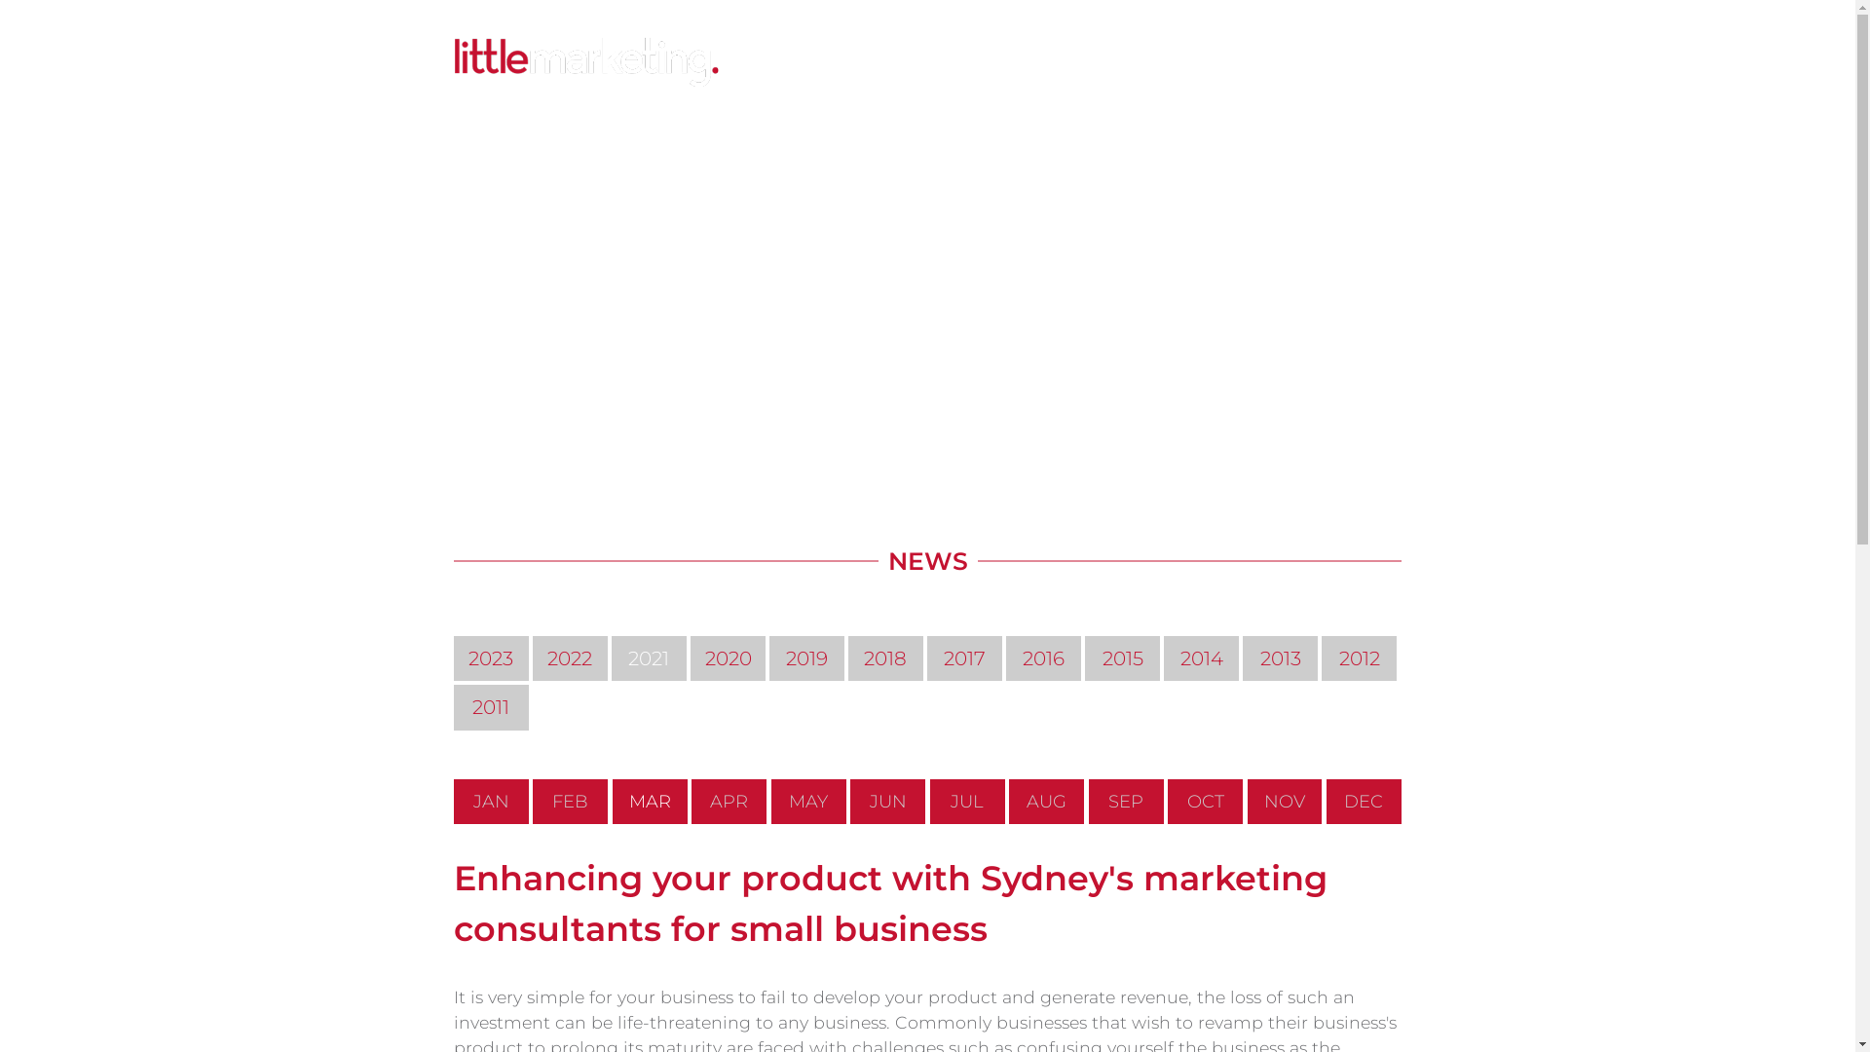  I want to click on 'CONTACT', so click(1305, 62).